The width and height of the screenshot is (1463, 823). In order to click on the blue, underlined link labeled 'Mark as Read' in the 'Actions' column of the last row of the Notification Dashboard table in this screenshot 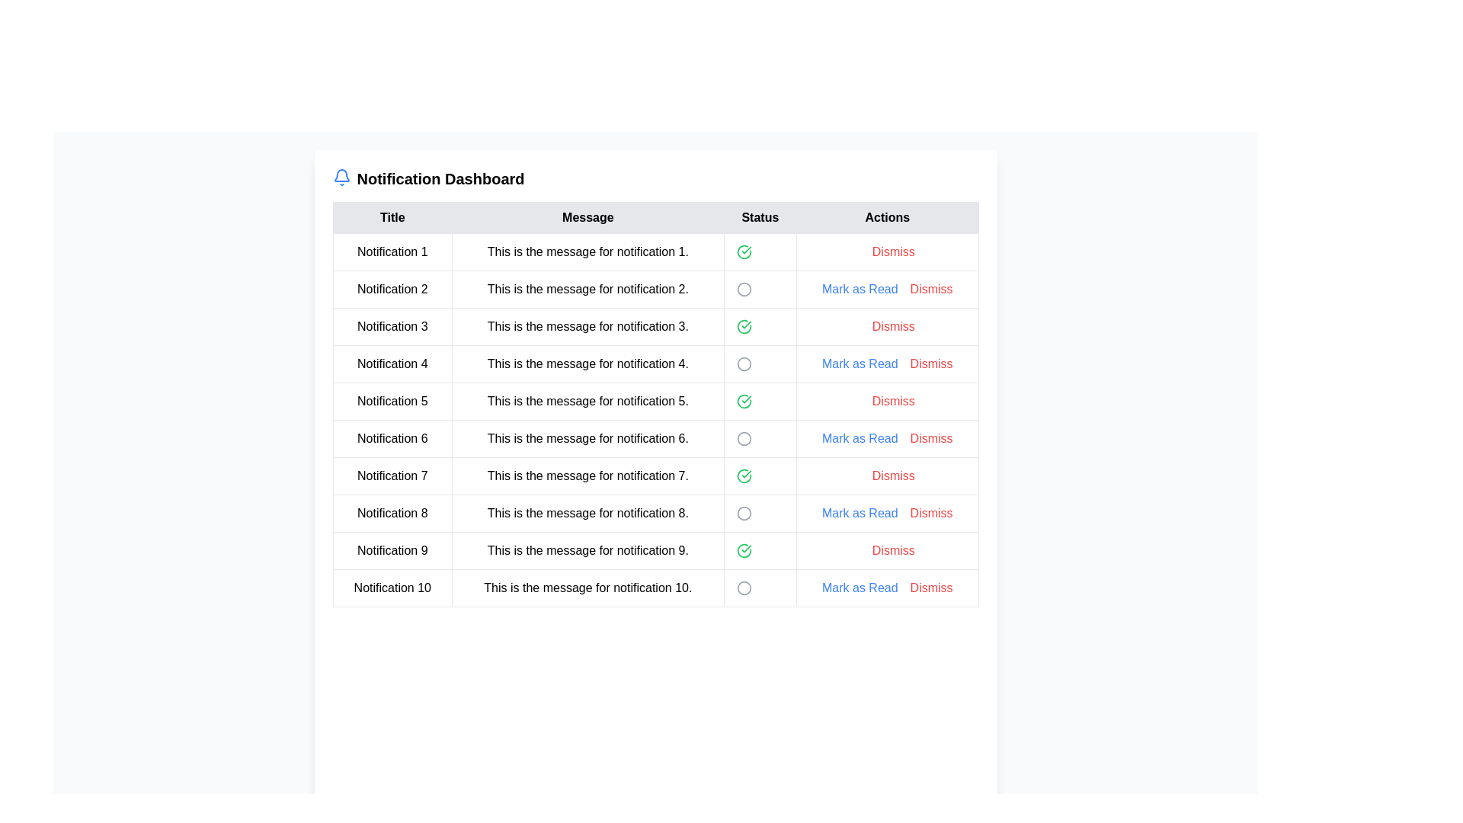, I will do `click(860, 587)`.